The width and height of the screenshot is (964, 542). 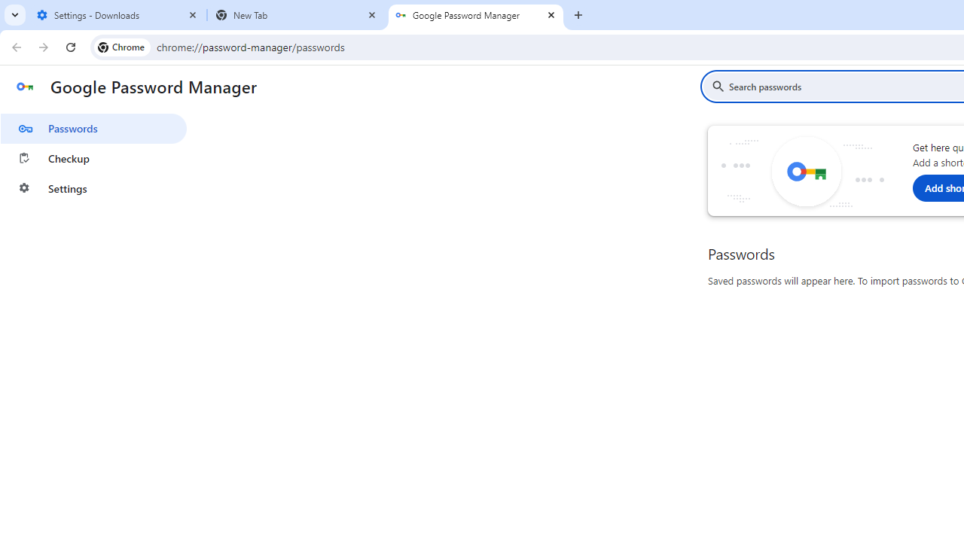 I want to click on 'New Tab', so click(x=297, y=15).